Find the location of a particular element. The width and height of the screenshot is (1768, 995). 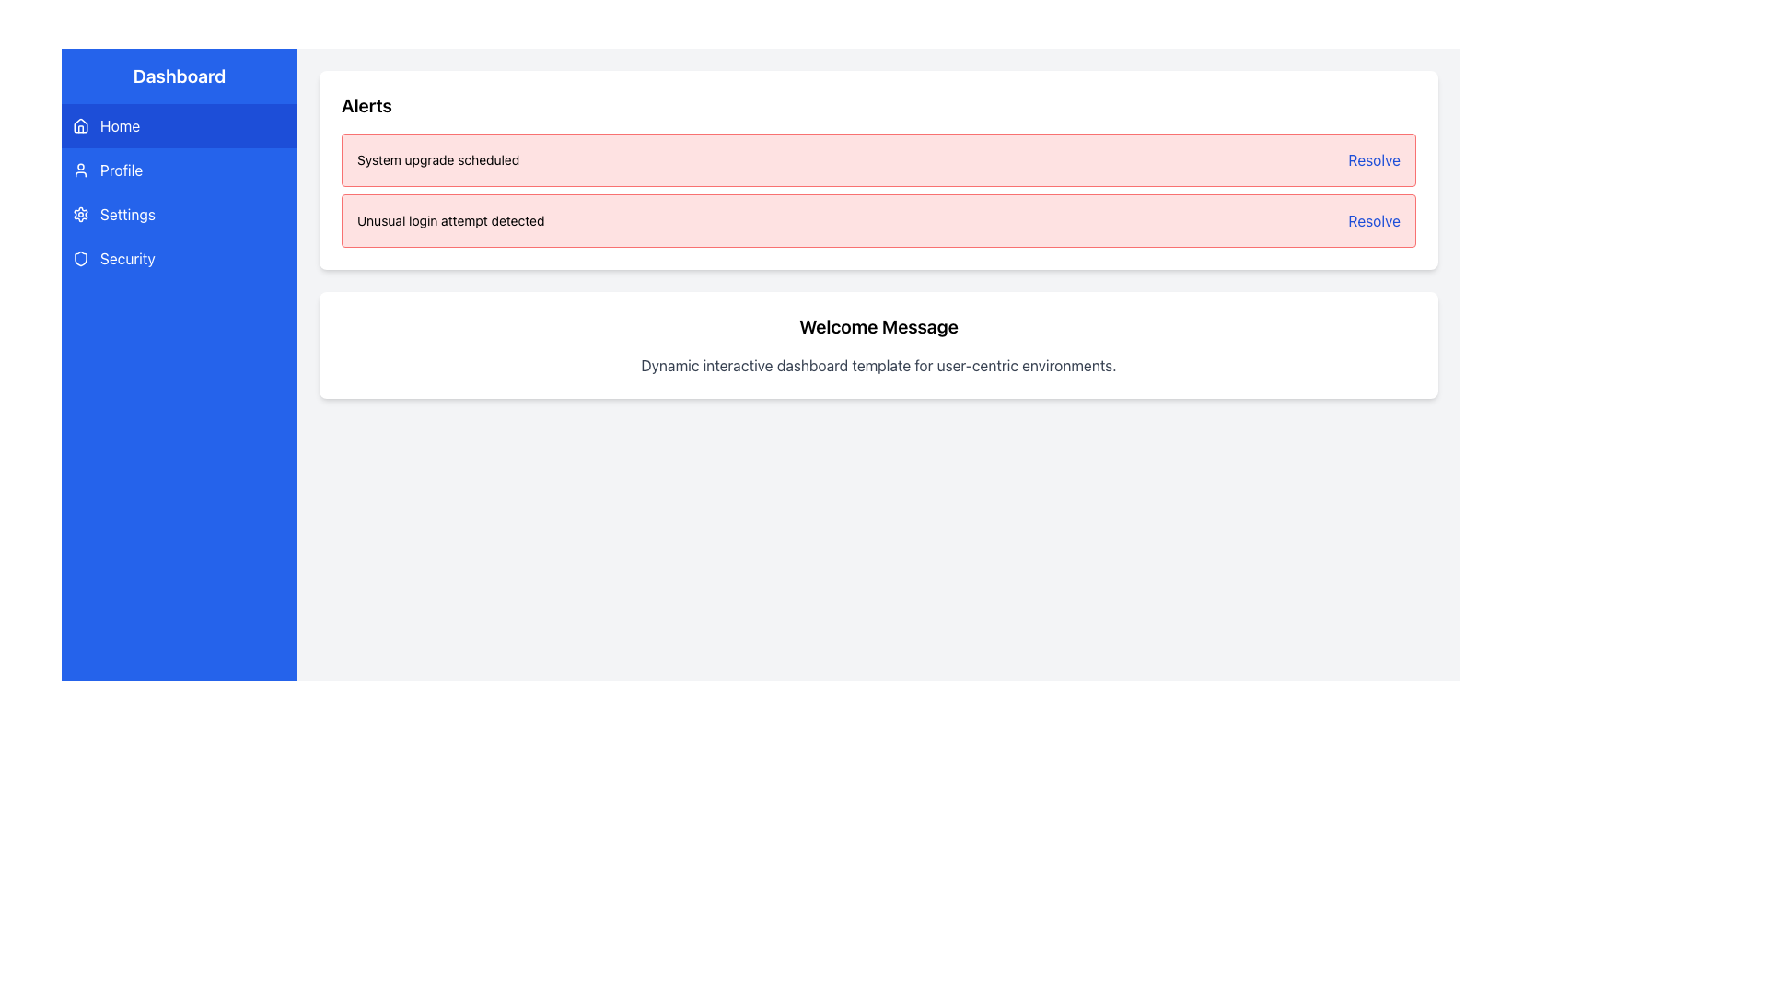

the gear-shaped settings icon located in the vertical navigation bar on the left side of the interface is located at coordinates (79, 213).